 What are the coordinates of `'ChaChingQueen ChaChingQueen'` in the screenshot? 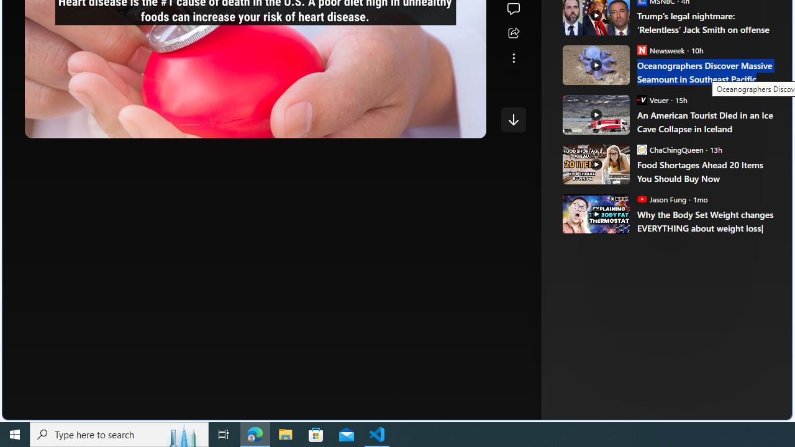 It's located at (670, 148).